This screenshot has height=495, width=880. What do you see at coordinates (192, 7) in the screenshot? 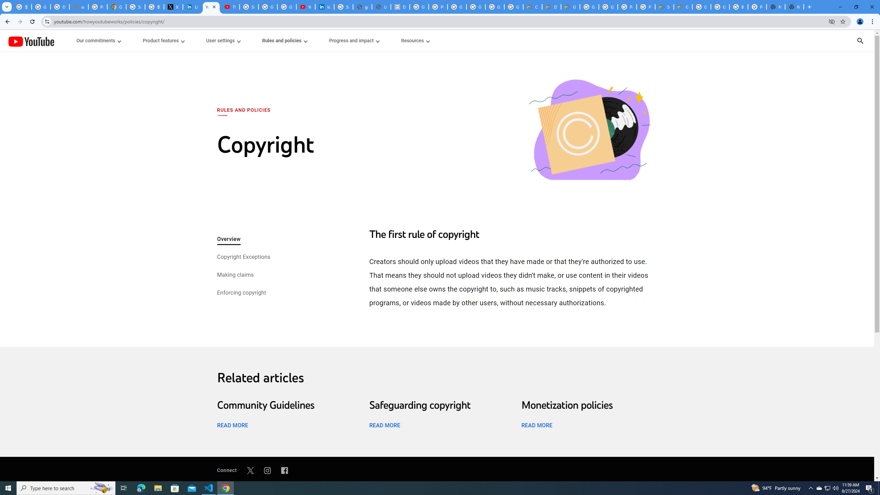
I see `'LinkedIn Privacy Policy'` at bounding box center [192, 7].